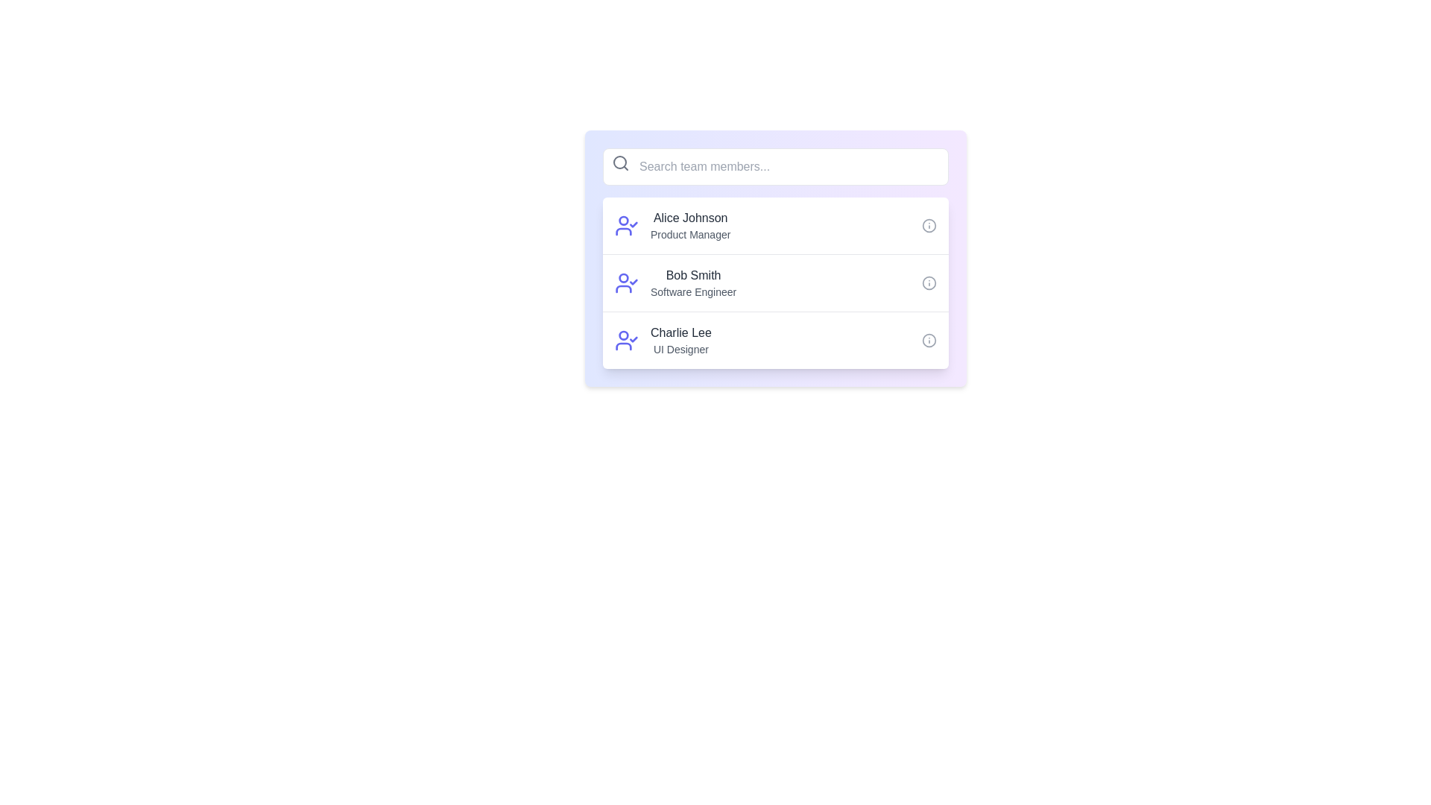 The width and height of the screenshot is (1431, 805). Describe the element at coordinates (662, 340) in the screenshot. I see `to select the user profile for 'Charlie Lee', a UI Designer, which includes a profile icon with an indigo outline and two text lines indicating the name and role` at that location.